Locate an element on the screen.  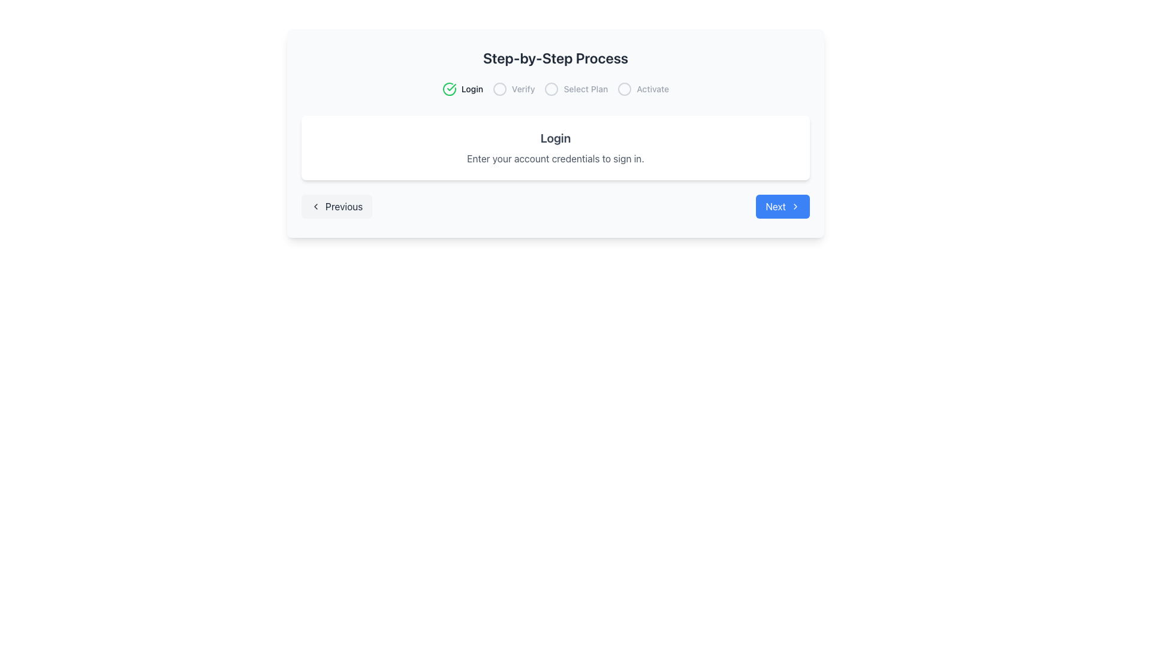
the Step indicator labeled 'Login' with a checkmark icon indicating completion, positioned under the 'Step-by-Step Process' header is located at coordinates (462, 89).